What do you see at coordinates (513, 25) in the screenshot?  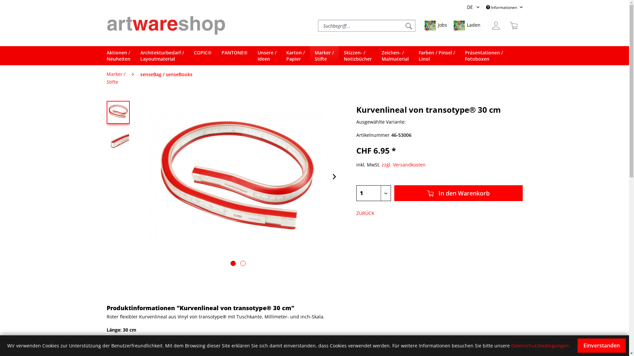 I see `'Warenkorb'` at bounding box center [513, 25].